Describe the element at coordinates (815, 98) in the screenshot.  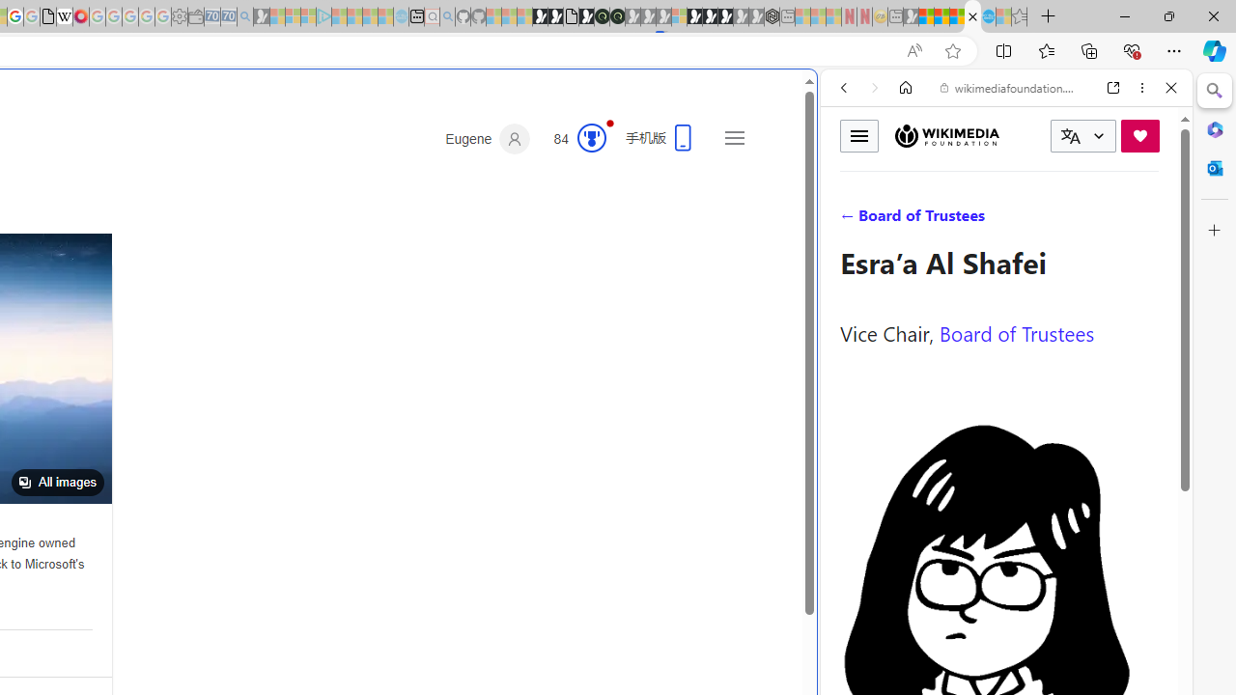
I see `'Close split screen'` at that location.